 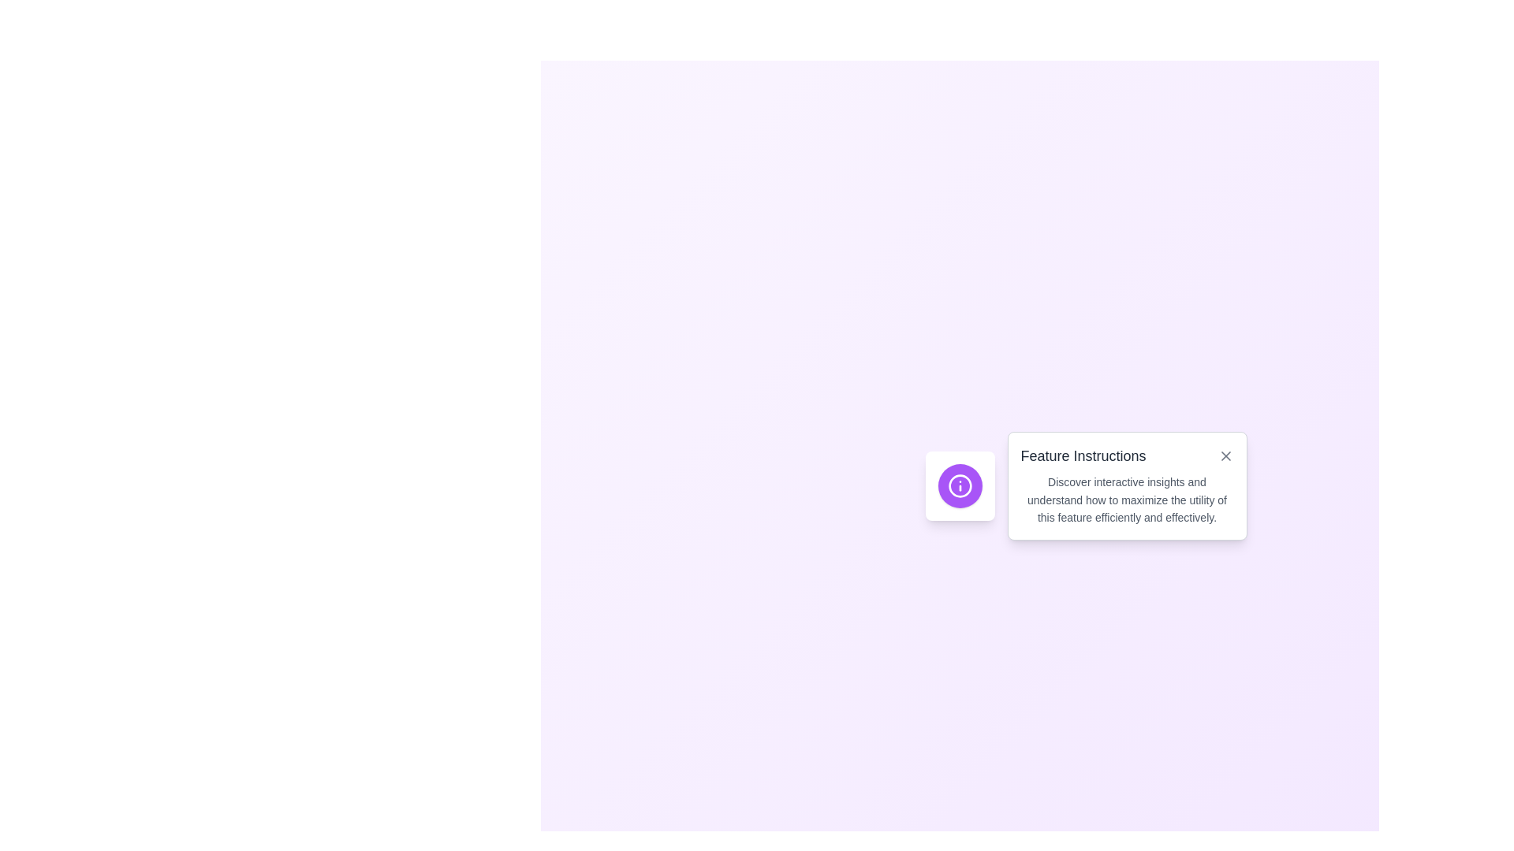 I want to click on the close button styled as an 'X' symbol located at the top-right corner of the 'Feature Instructions' card to observe the hover effect, so click(x=1225, y=455).